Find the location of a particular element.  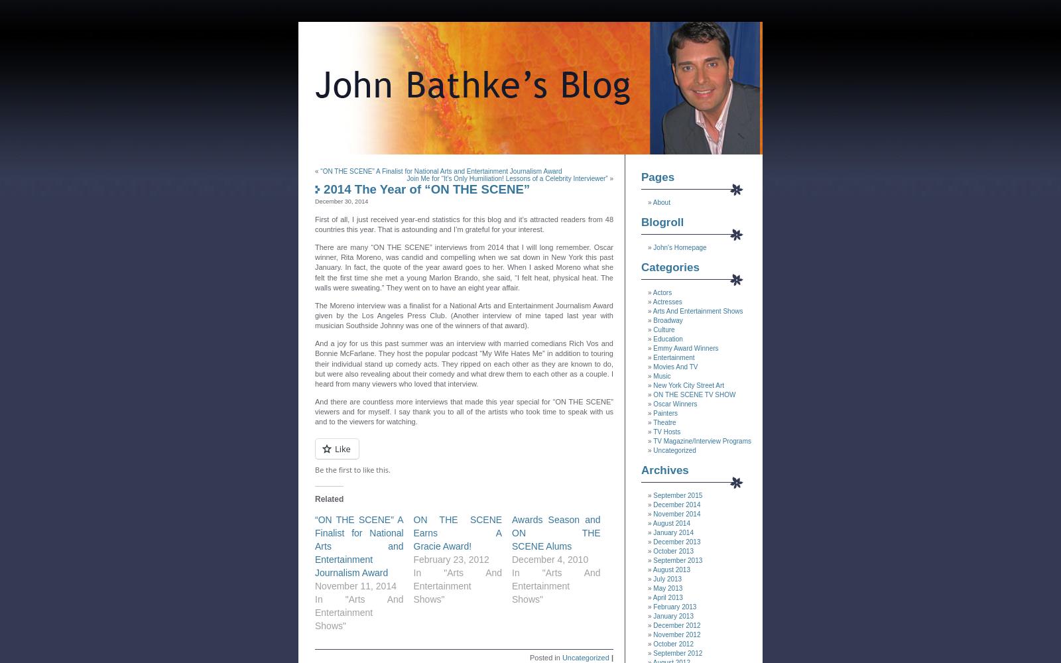

'Painters' is located at coordinates (665, 412).